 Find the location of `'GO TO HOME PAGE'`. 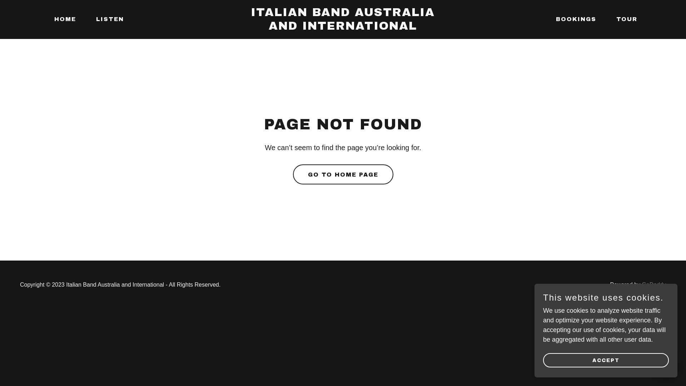

'GO TO HOME PAGE' is located at coordinates (293, 174).